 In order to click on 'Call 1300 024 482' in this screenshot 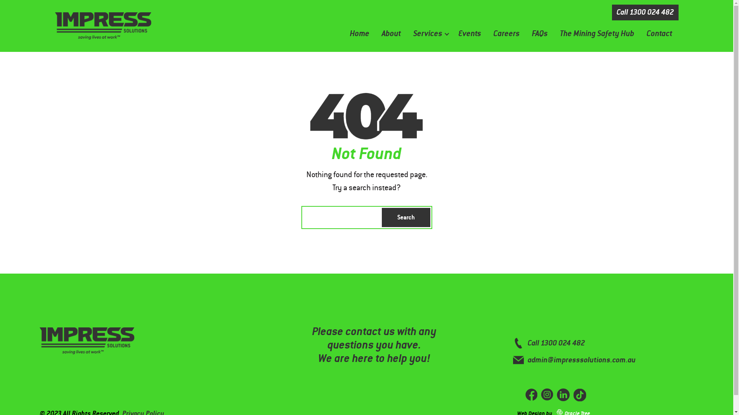, I will do `click(548, 343)`.